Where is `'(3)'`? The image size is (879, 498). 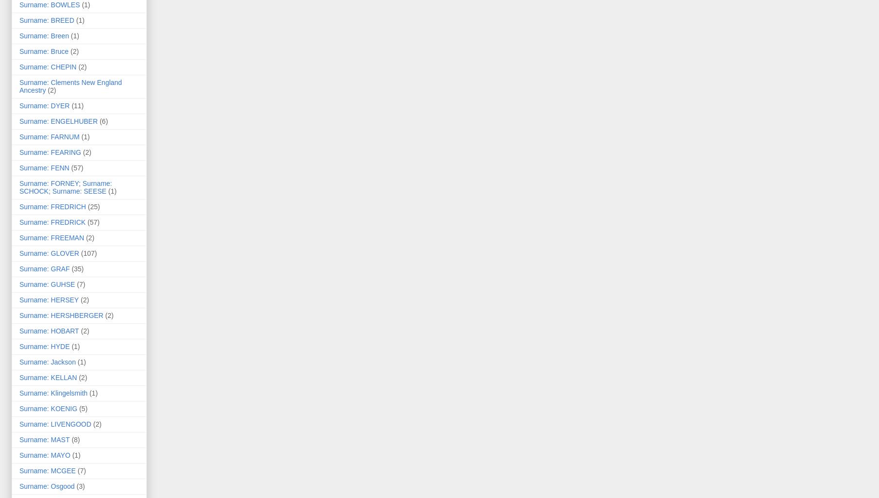
'(3)' is located at coordinates (76, 485).